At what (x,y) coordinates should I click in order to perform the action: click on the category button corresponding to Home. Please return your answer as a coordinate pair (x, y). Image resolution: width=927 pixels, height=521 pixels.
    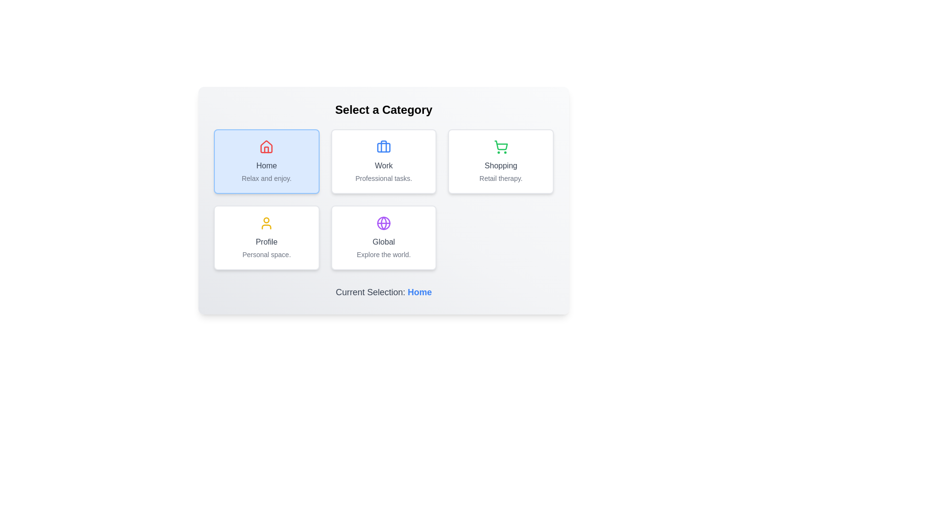
    Looking at the image, I should click on (267, 161).